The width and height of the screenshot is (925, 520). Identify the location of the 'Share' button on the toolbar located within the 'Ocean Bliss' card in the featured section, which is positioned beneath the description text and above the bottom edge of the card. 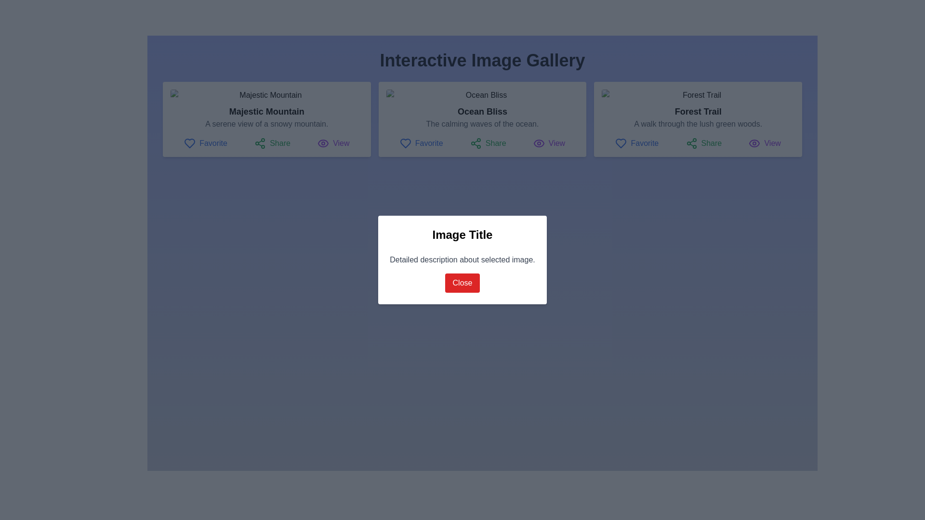
(482, 143).